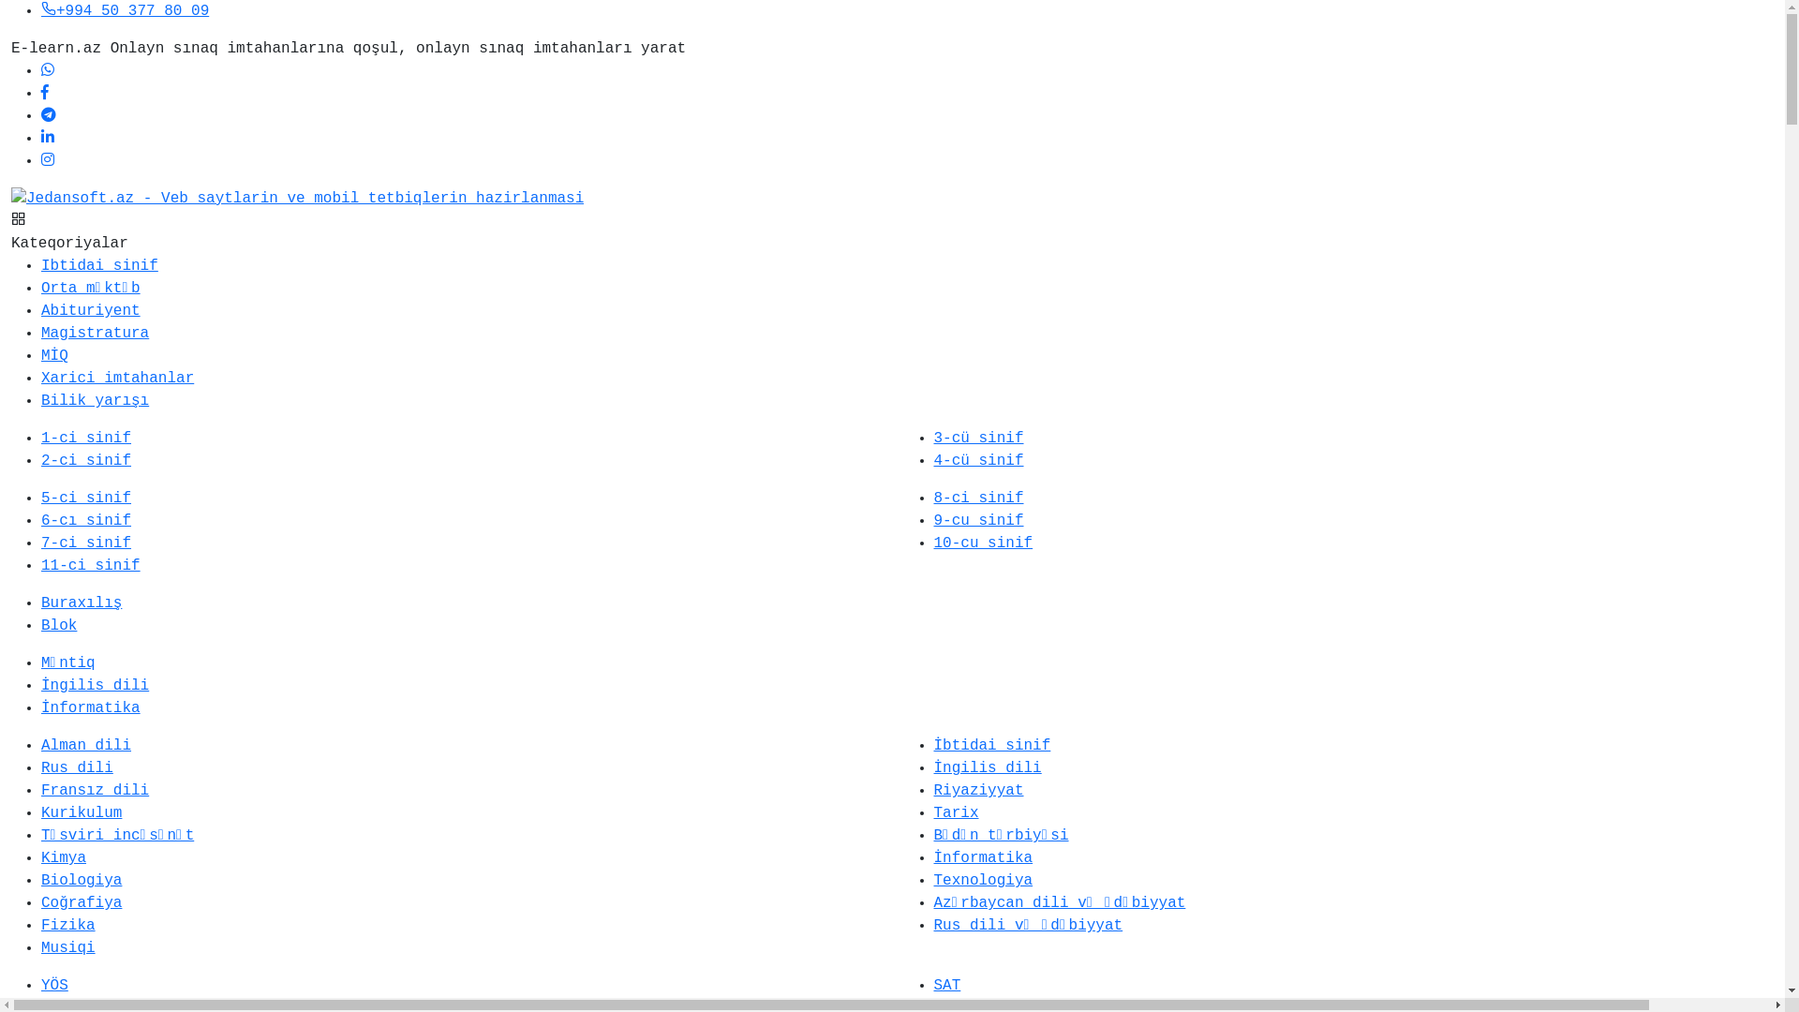 The width and height of the screenshot is (1799, 1012). What do you see at coordinates (80, 811) in the screenshot?
I see `'Kurikulum'` at bounding box center [80, 811].